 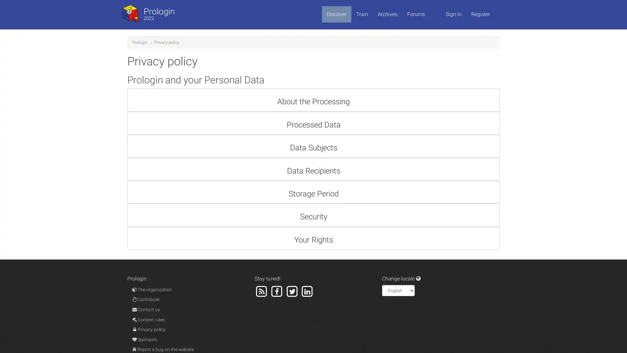 What do you see at coordinates (313, 123) in the screenshot?
I see `Processed Data` at bounding box center [313, 123].